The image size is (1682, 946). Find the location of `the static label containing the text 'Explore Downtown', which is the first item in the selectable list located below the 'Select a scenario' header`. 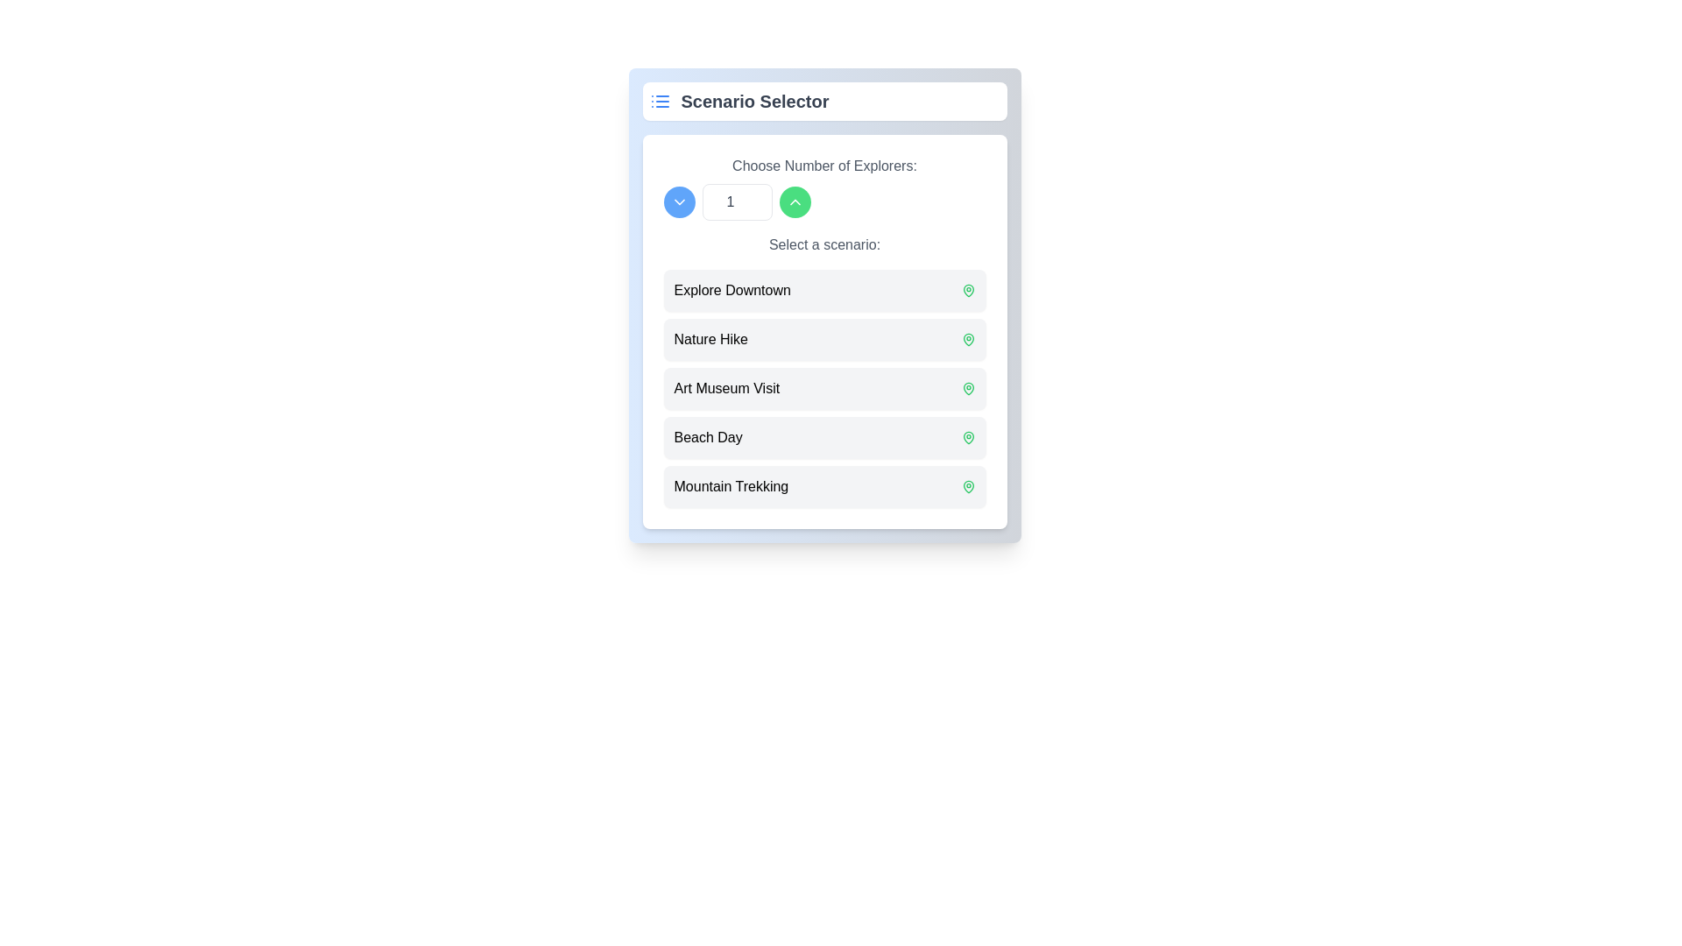

the static label containing the text 'Explore Downtown', which is the first item in the selectable list located below the 'Select a scenario' header is located at coordinates (732, 289).